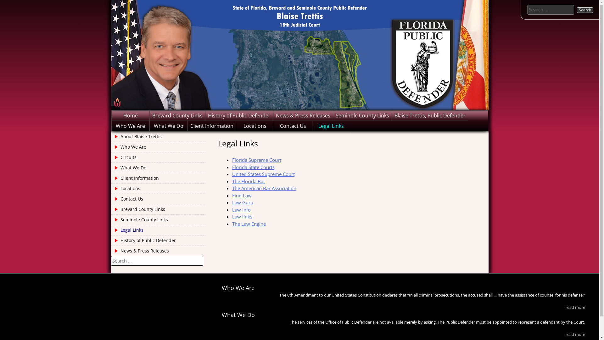 This screenshot has height=340, width=604. What do you see at coordinates (242, 202) in the screenshot?
I see `'Law Guru'` at bounding box center [242, 202].